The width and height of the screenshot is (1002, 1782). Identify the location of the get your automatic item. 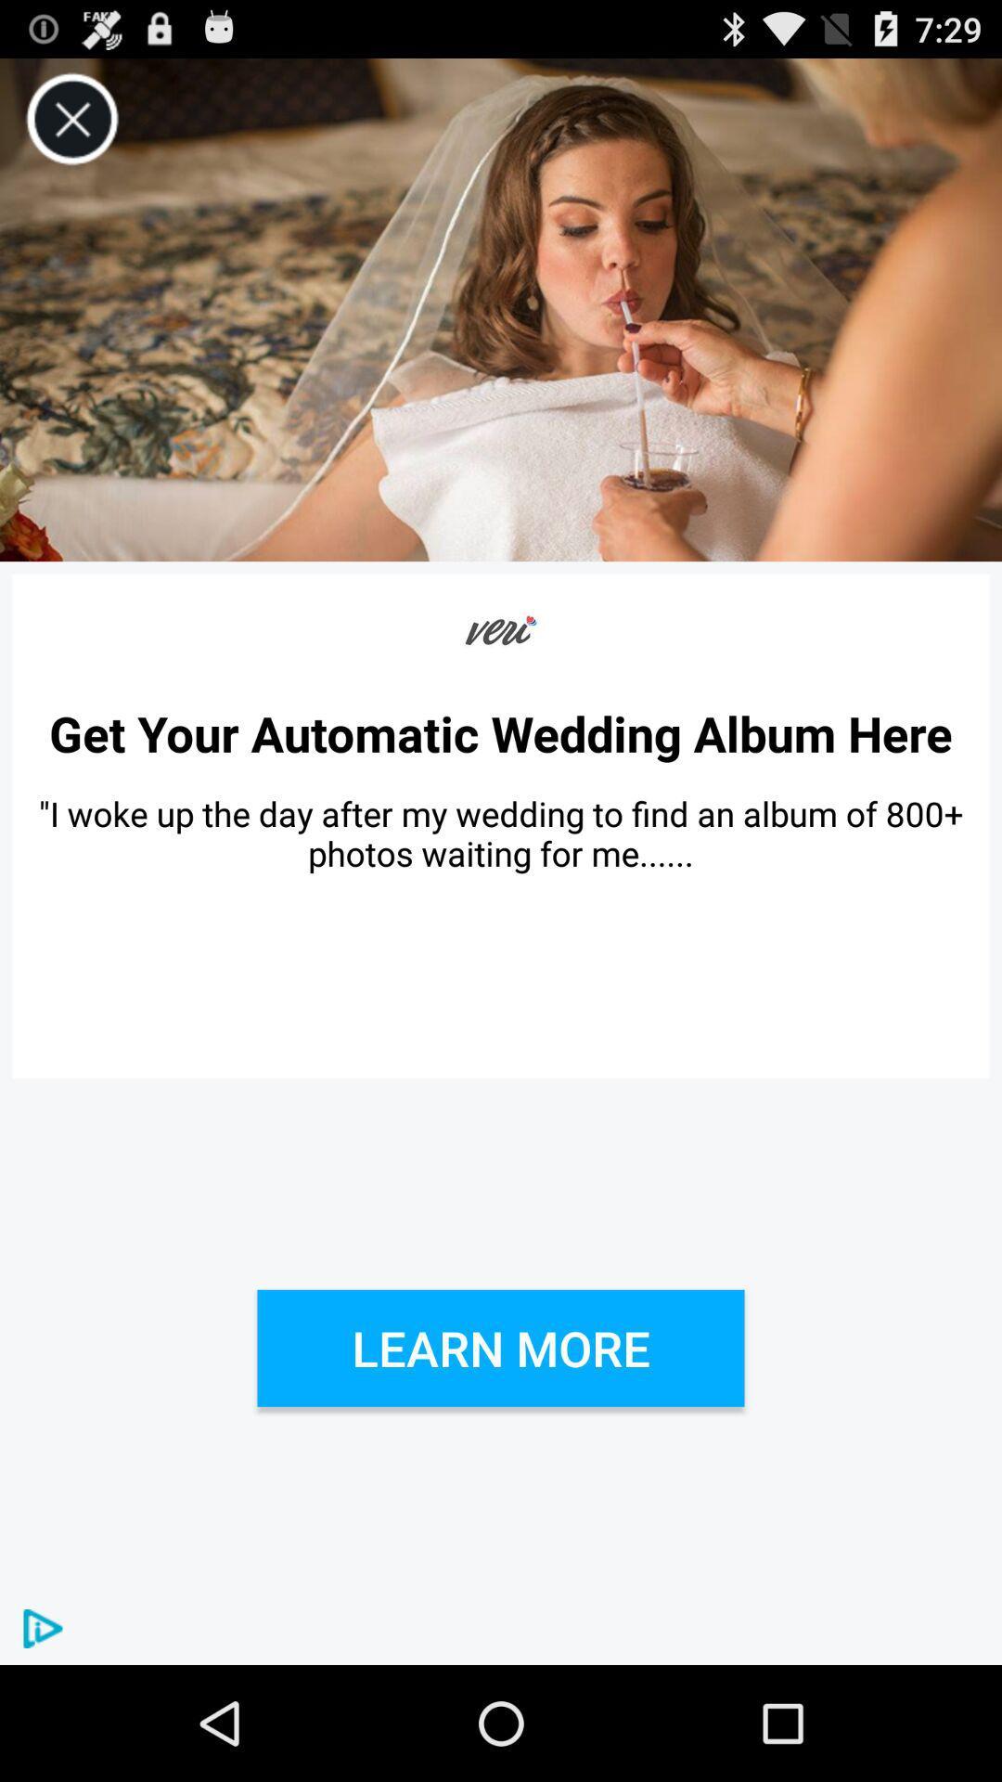
(501, 732).